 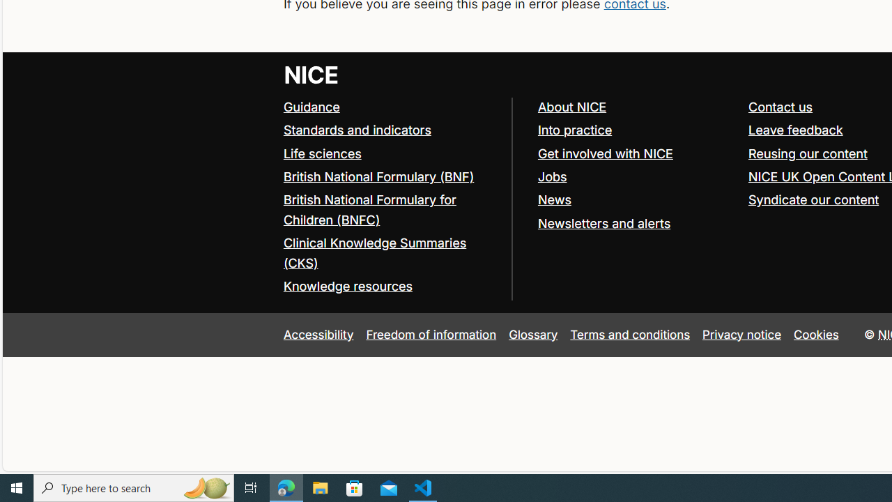 What do you see at coordinates (321, 153) in the screenshot?
I see `'Life sciences'` at bounding box center [321, 153].